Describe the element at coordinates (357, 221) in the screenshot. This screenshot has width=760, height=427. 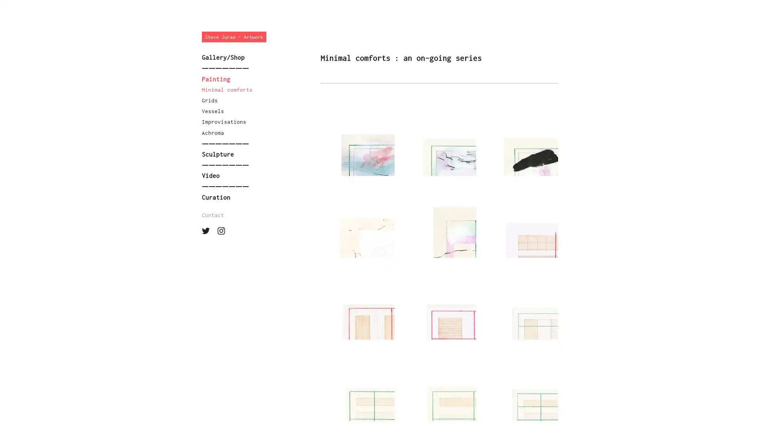
I see `View fullsize Gut feeling (04)` at that location.